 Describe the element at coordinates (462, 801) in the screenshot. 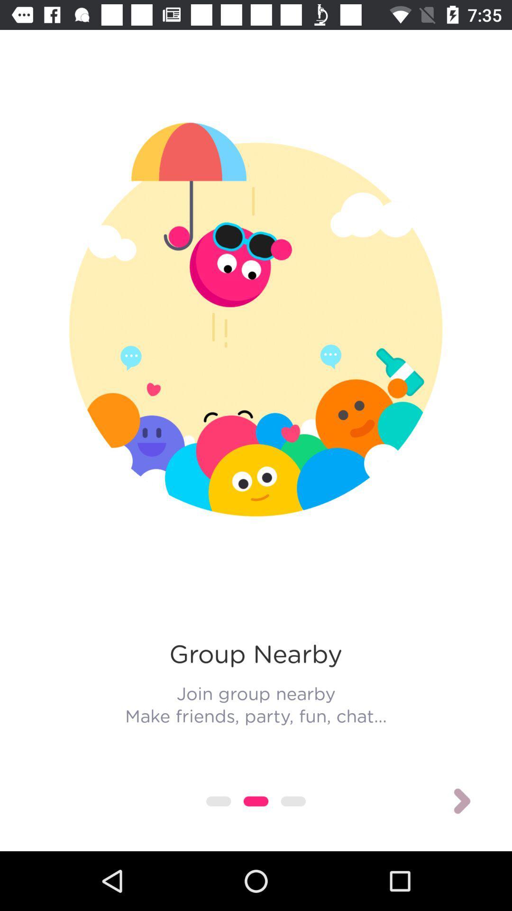

I see `the arrow_forward icon` at that location.